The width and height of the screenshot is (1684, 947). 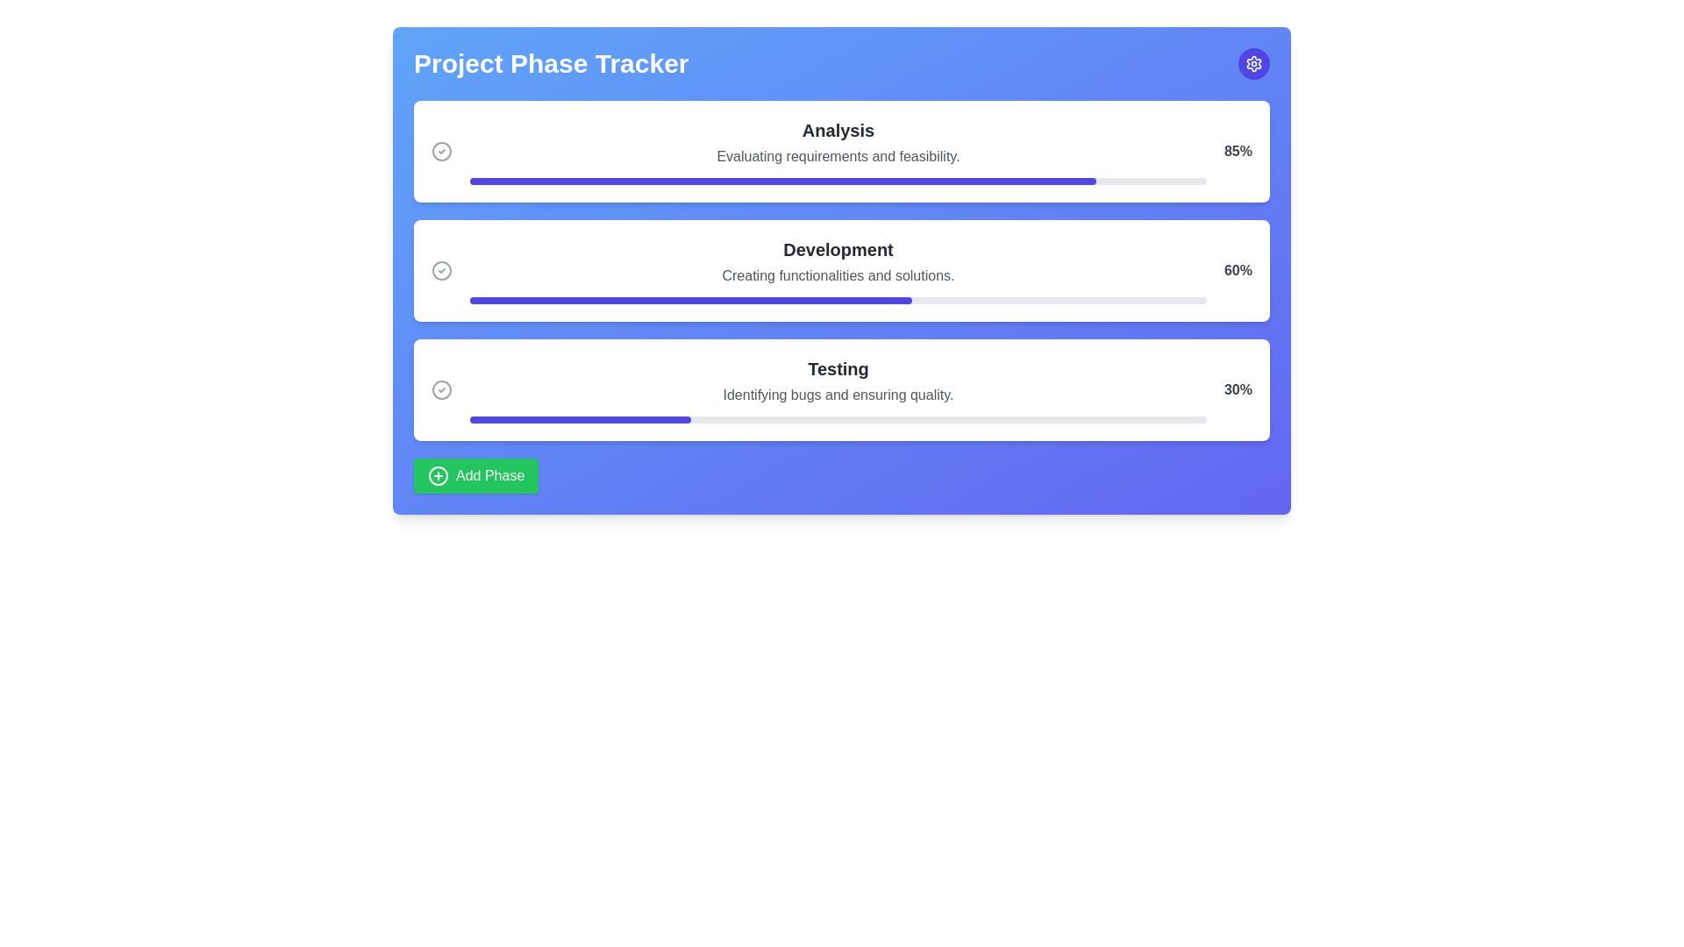 What do you see at coordinates (689, 300) in the screenshot?
I see `current progress value of the Progress bar fill segment indicating 60% completion in the Development phase` at bounding box center [689, 300].